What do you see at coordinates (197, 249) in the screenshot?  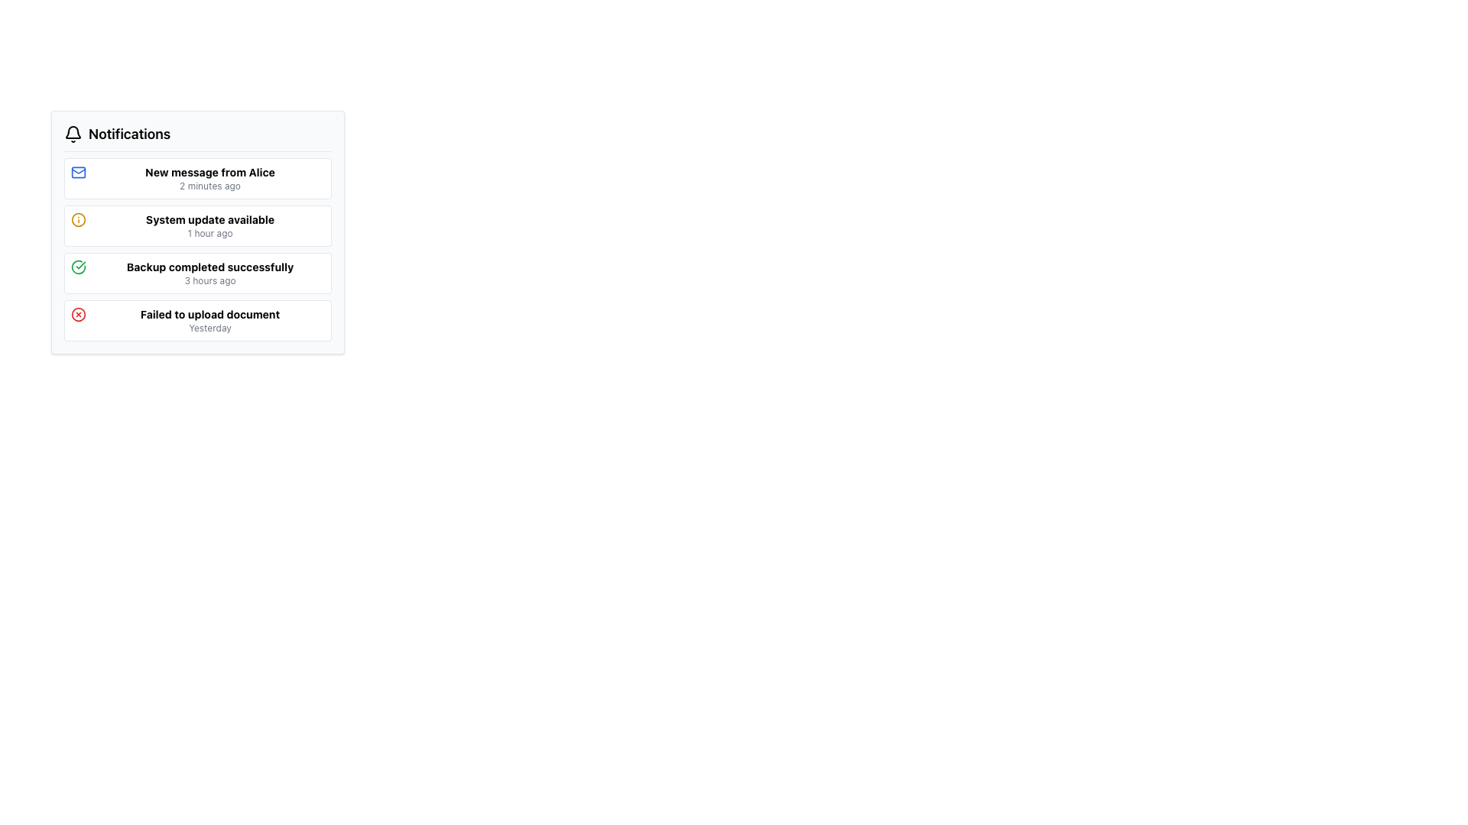 I see `the list of interactive notification cards located below the 'Notifications' title` at bounding box center [197, 249].